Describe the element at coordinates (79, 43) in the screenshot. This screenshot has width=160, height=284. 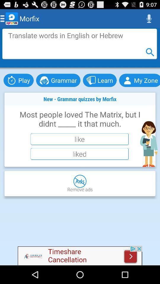
I see `advertisement` at that location.